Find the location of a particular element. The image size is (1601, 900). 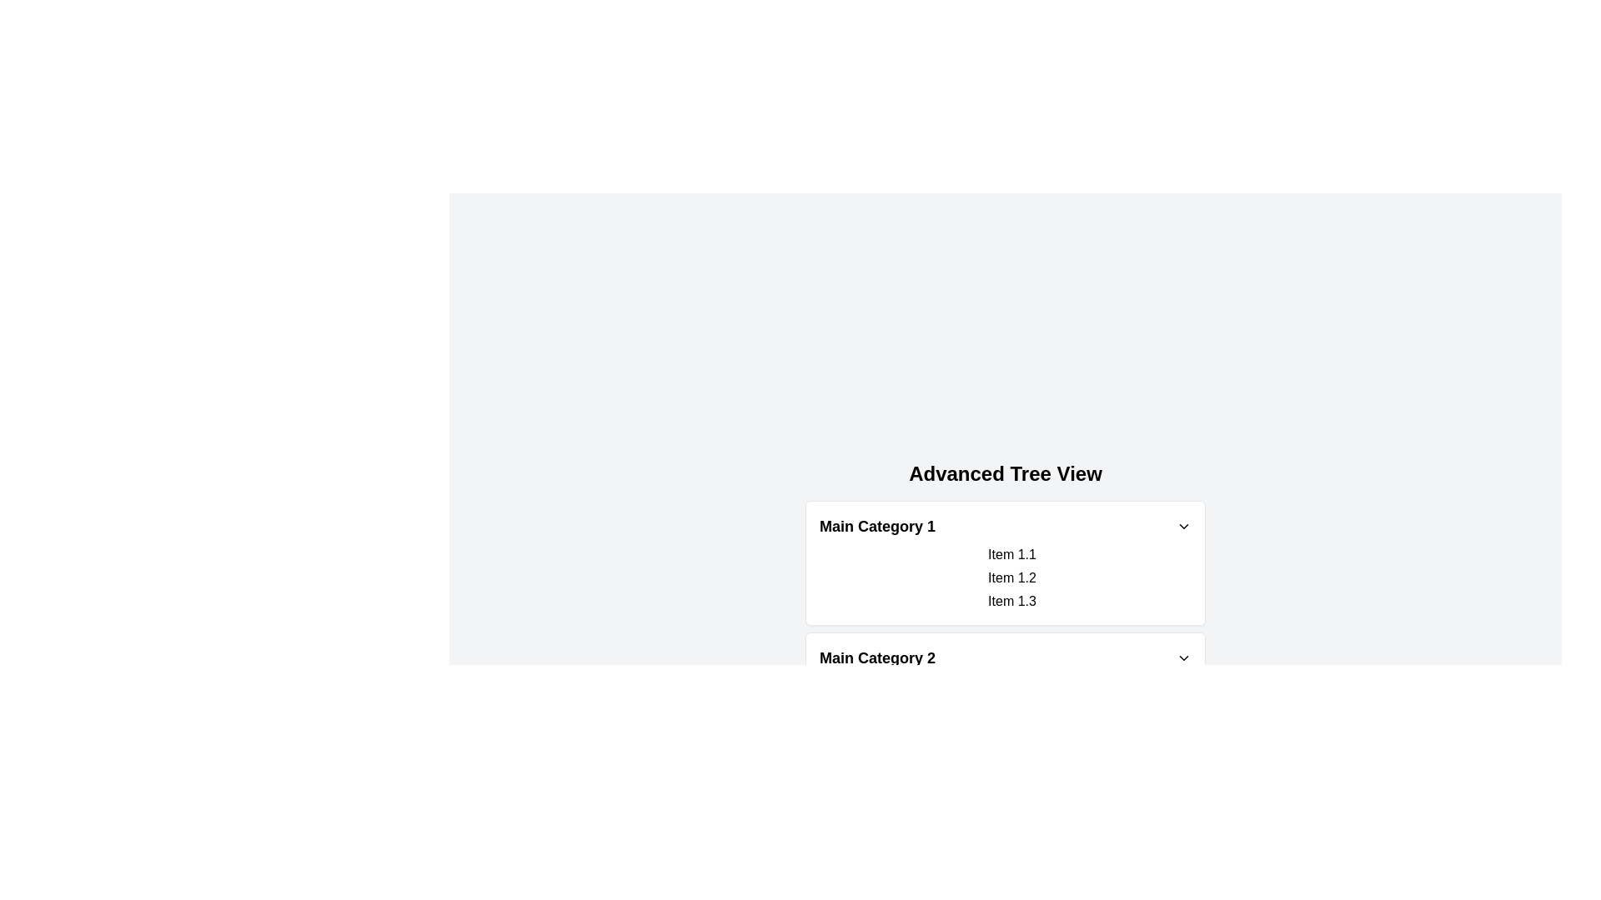

the chevron icon in the header of the 'Main Category 2' section to trigger tooltip or visual feedback is located at coordinates (1183, 657).